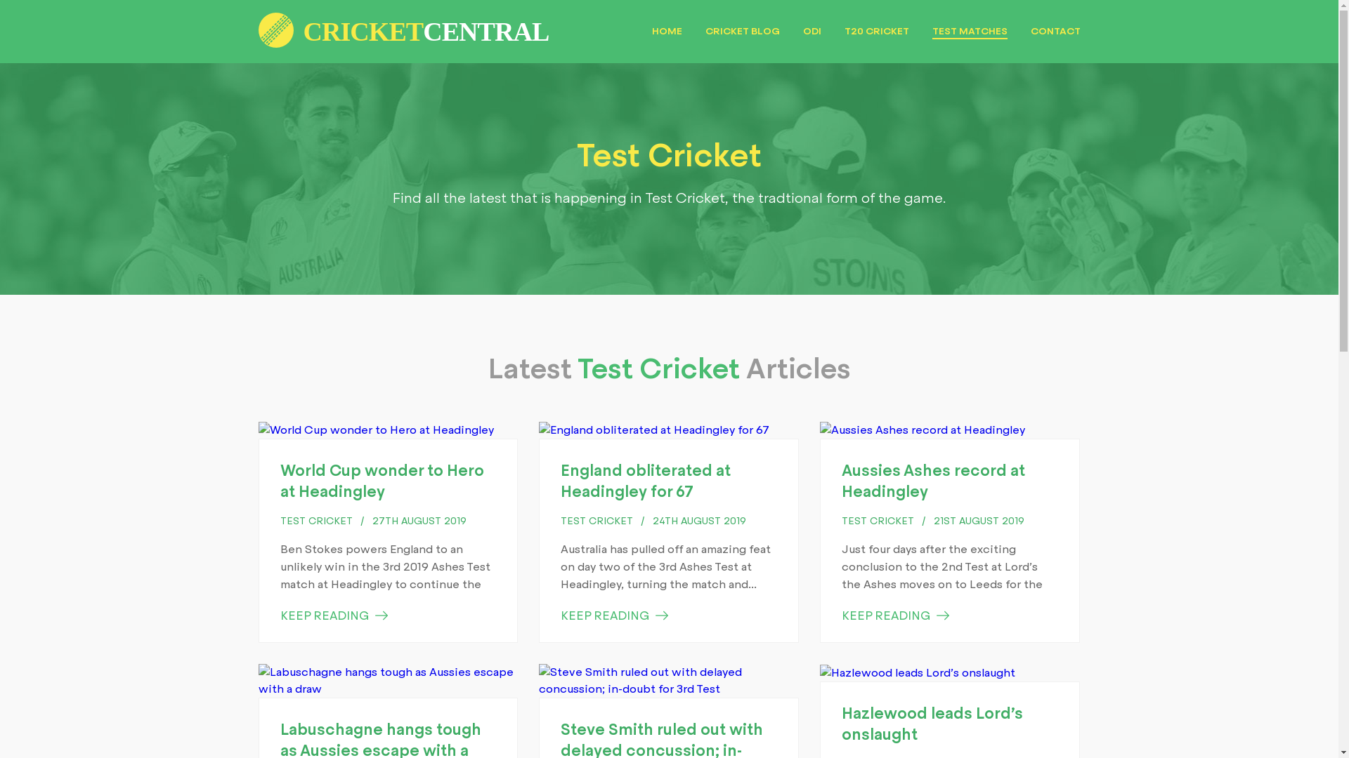  What do you see at coordinates (843, 30) in the screenshot?
I see `'T20 CRICKET'` at bounding box center [843, 30].